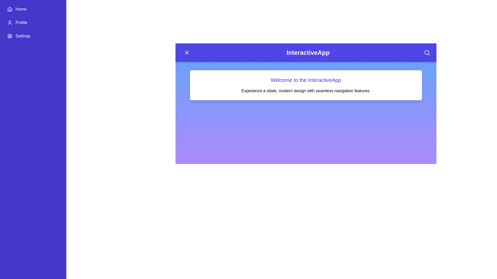 This screenshot has height=279, width=497. Describe the element at coordinates (306, 85) in the screenshot. I see `the main content card to focus on it` at that location.